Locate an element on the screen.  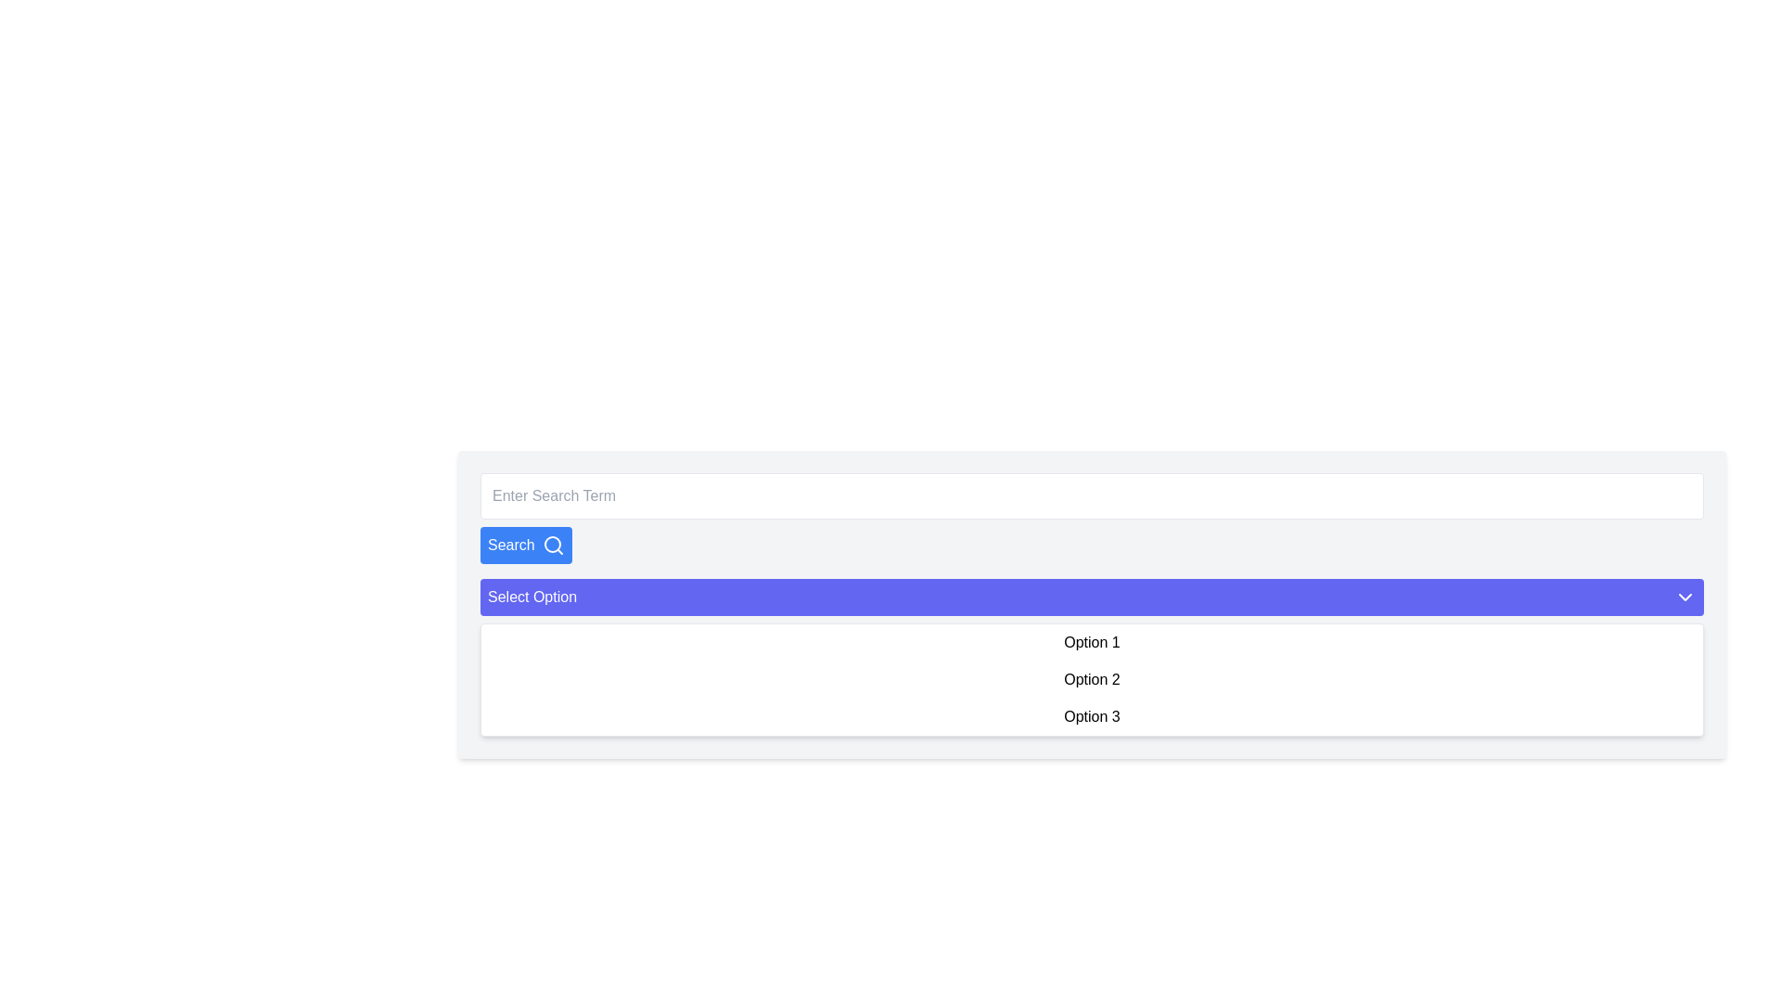
the blue rectangular button labeled 'Search' with a magnifying glass icon is located at coordinates (525, 544).